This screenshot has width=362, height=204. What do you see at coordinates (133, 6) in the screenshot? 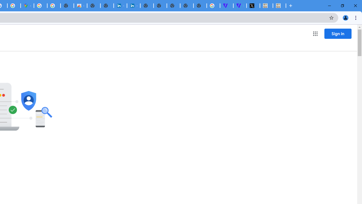
I see `'Cookie Policy | LinkedIn'` at bounding box center [133, 6].